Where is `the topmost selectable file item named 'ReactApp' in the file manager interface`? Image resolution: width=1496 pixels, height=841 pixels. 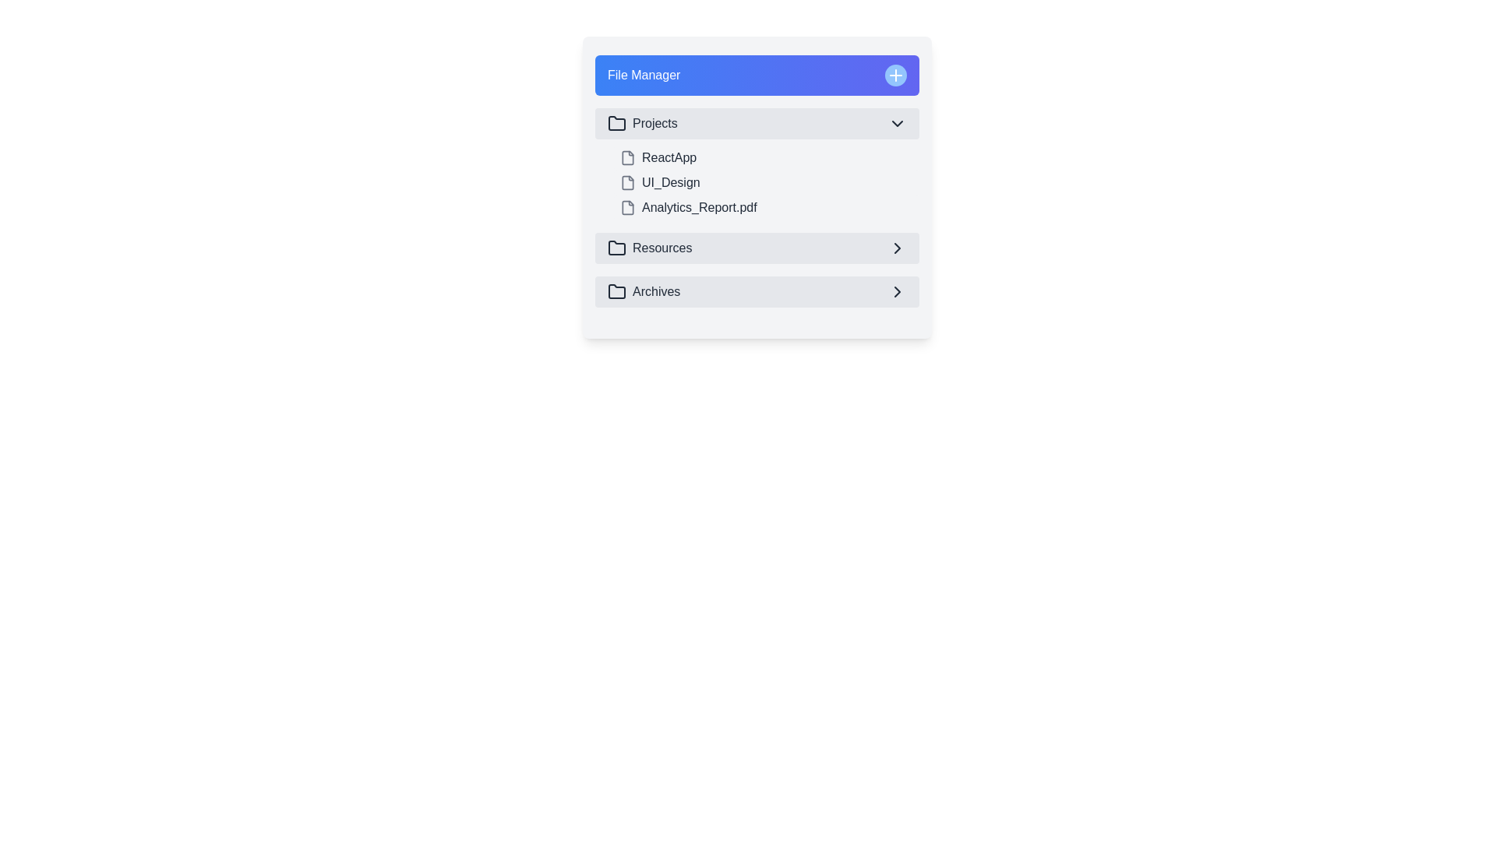
the topmost selectable file item named 'ReactApp' in the file manager interface is located at coordinates (766, 158).